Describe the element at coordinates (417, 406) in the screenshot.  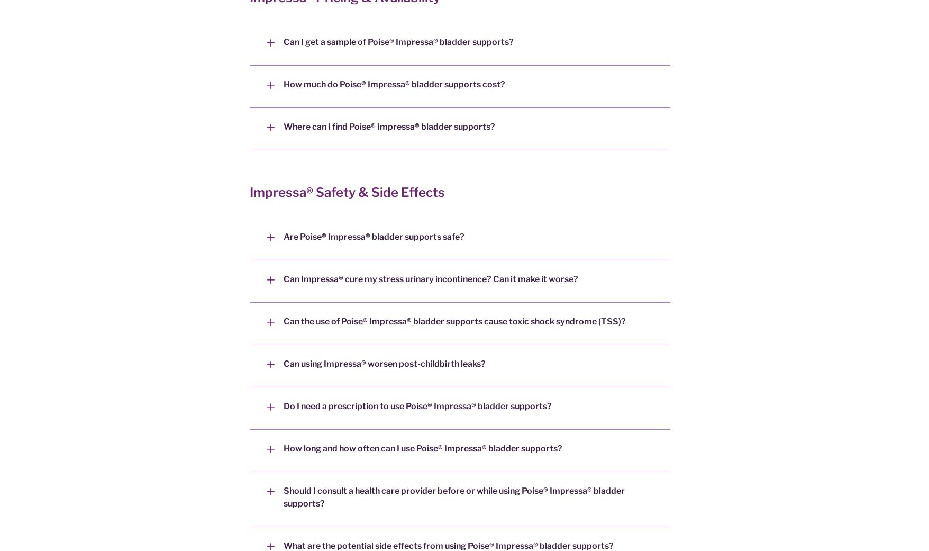
I see `'Do I need a prescription to use Poise® Impressa® bladder supports?'` at that location.